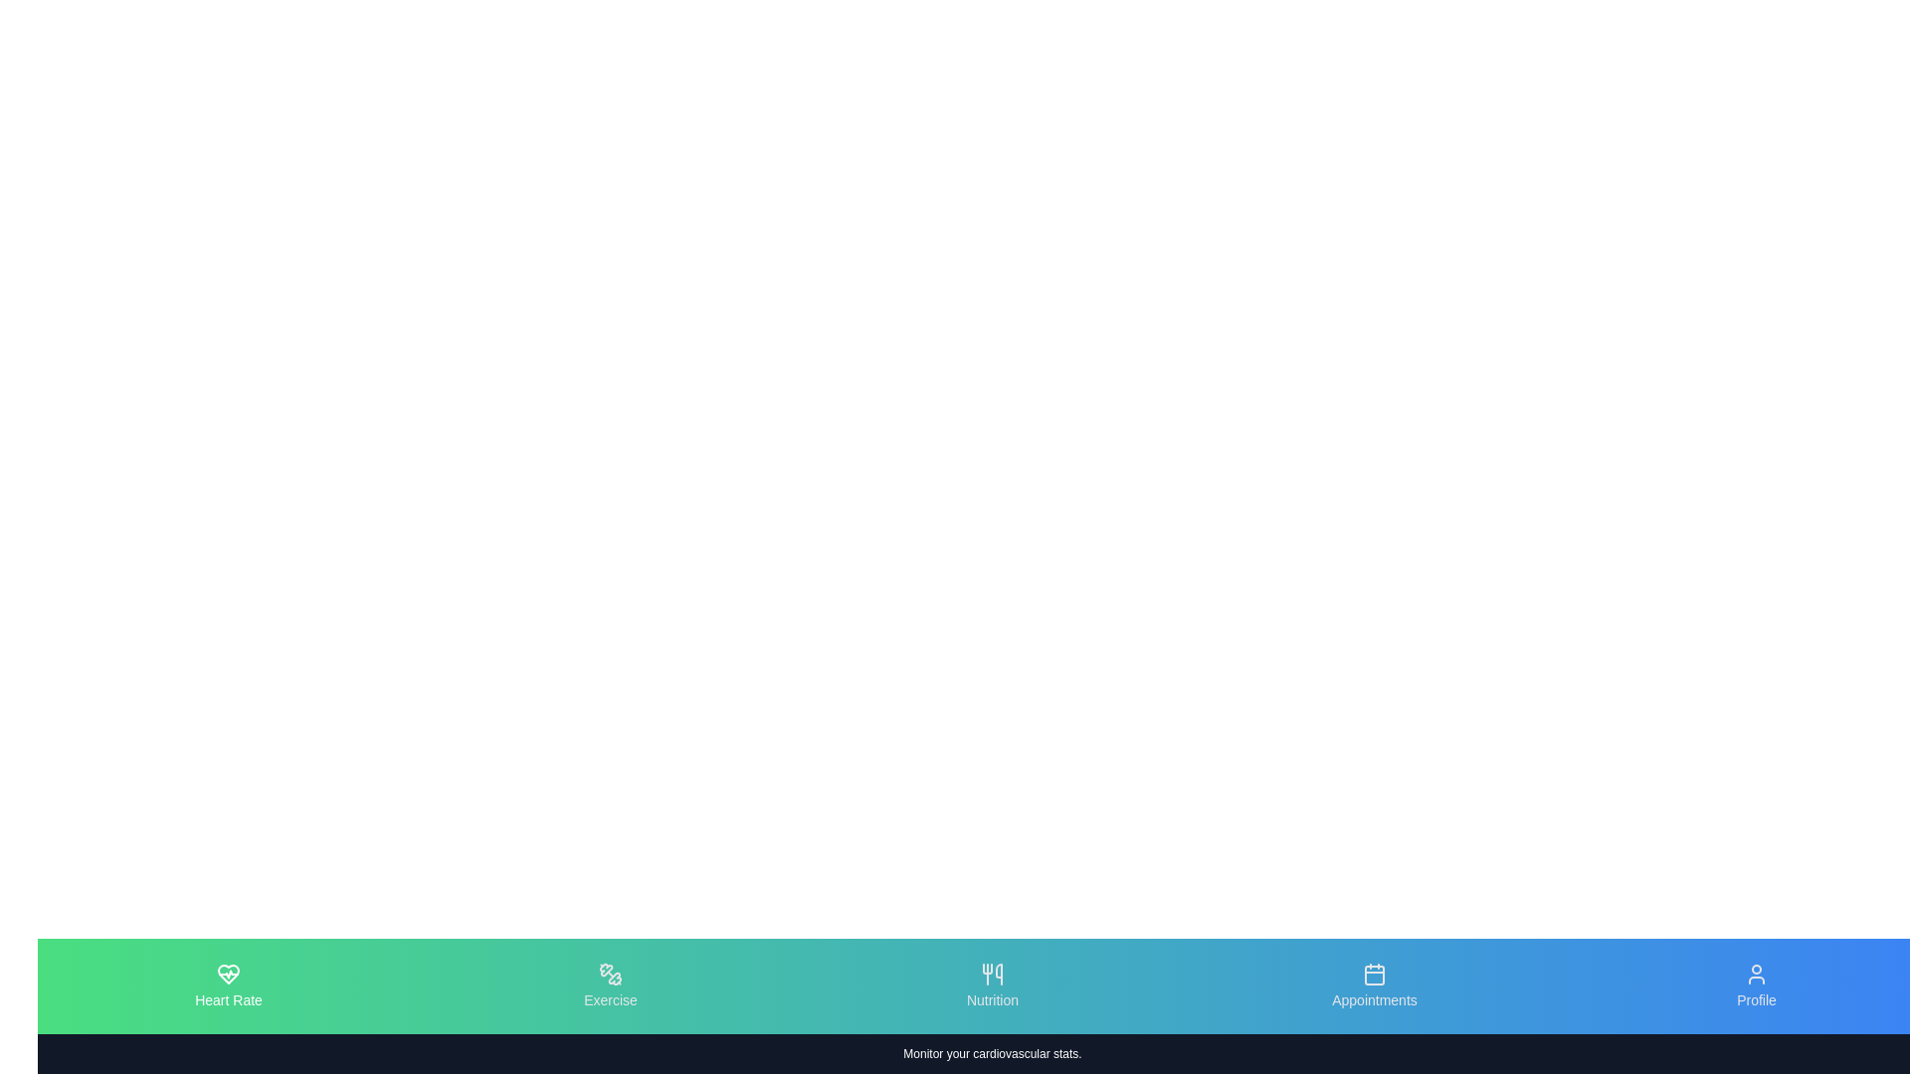 This screenshot has width=1910, height=1074. Describe the element at coordinates (610, 985) in the screenshot. I see `the tab labeled Exercise` at that location.